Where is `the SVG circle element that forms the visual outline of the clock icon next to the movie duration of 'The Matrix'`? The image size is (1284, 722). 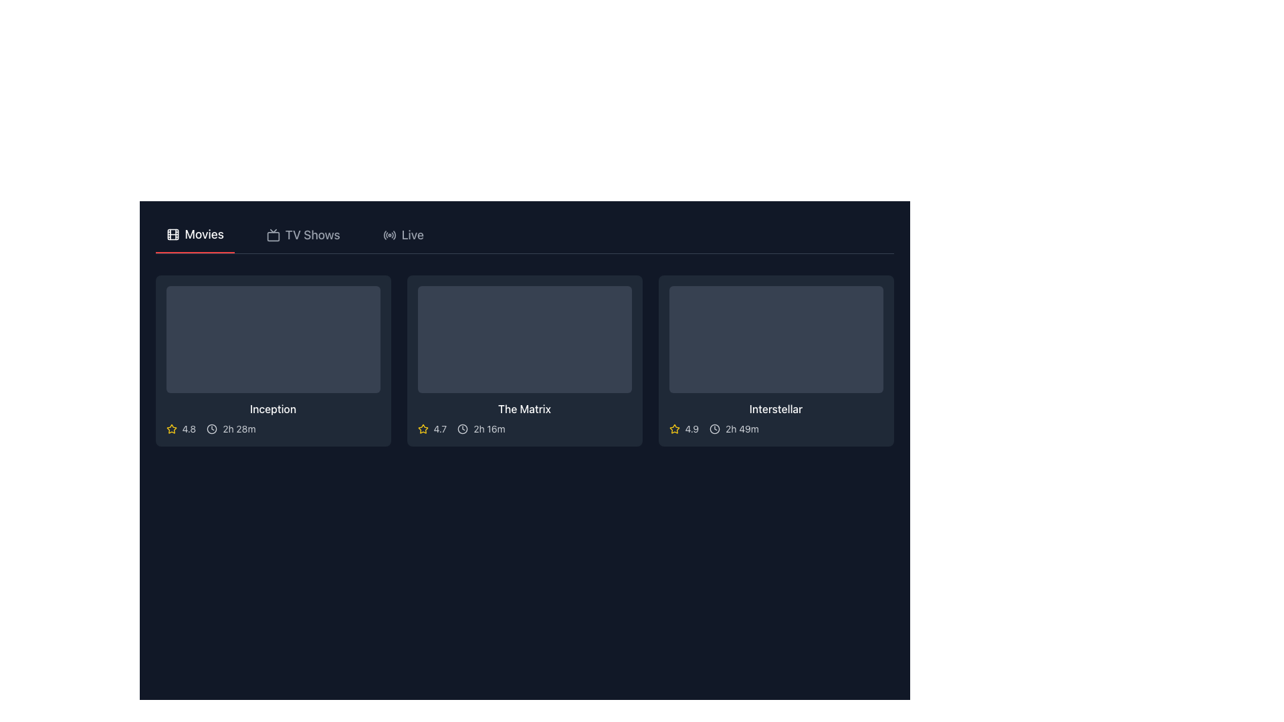 the SVG circle element that forms the visual outline of the clock icon next to the movie duration of 'The Matrix' is located at coordinates (463, 429).